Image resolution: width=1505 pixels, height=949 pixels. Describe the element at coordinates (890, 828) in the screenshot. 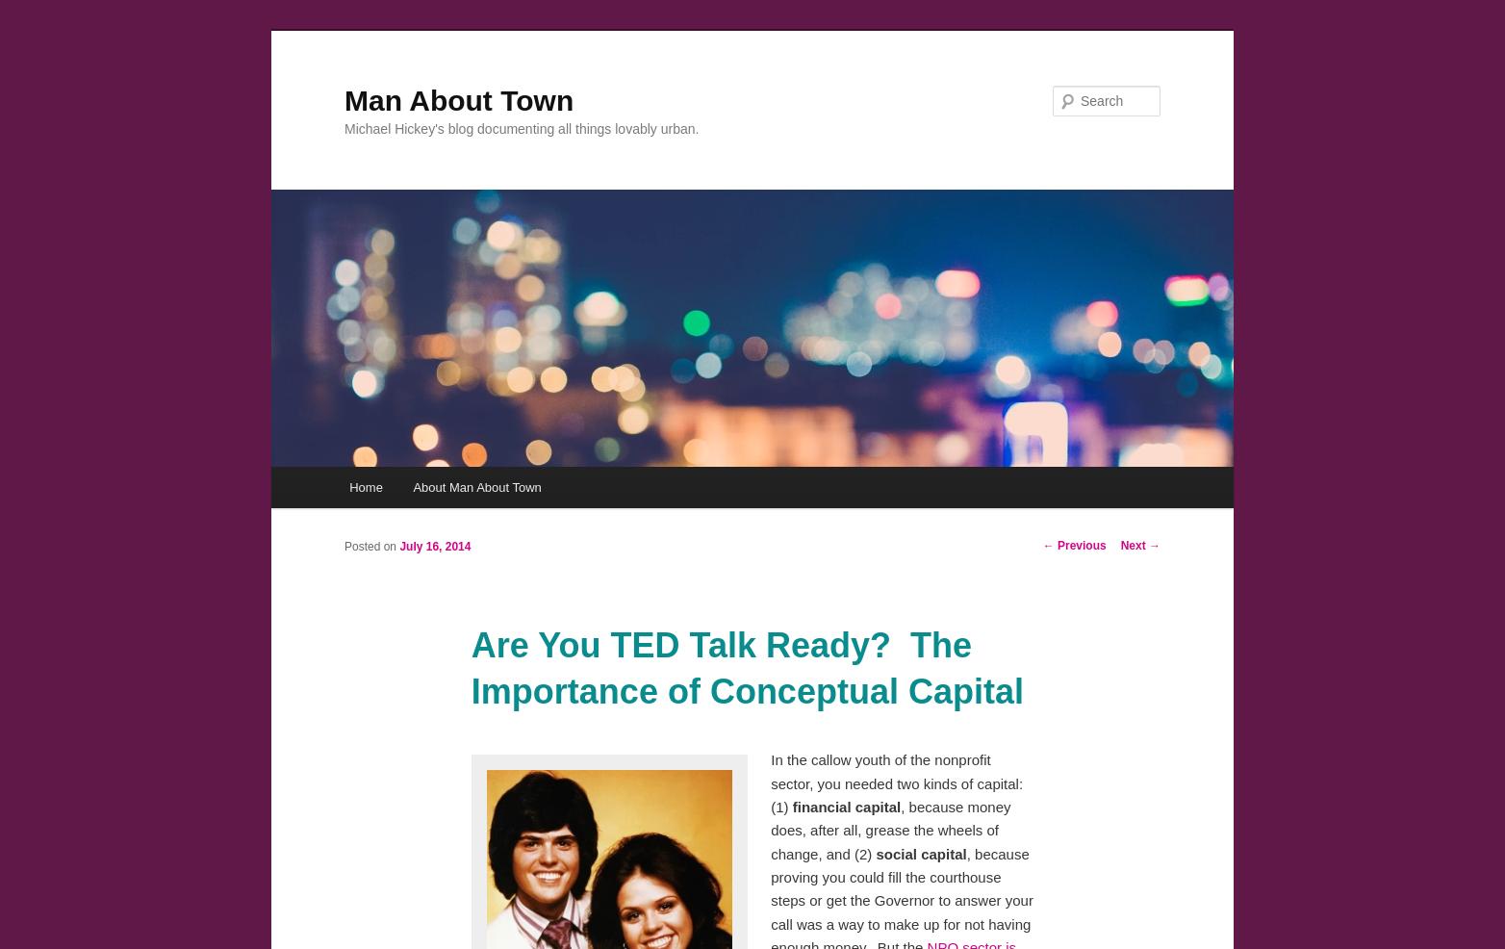

I see `', because money does, after all, grease the wheels of change, and (2)'` at that location.